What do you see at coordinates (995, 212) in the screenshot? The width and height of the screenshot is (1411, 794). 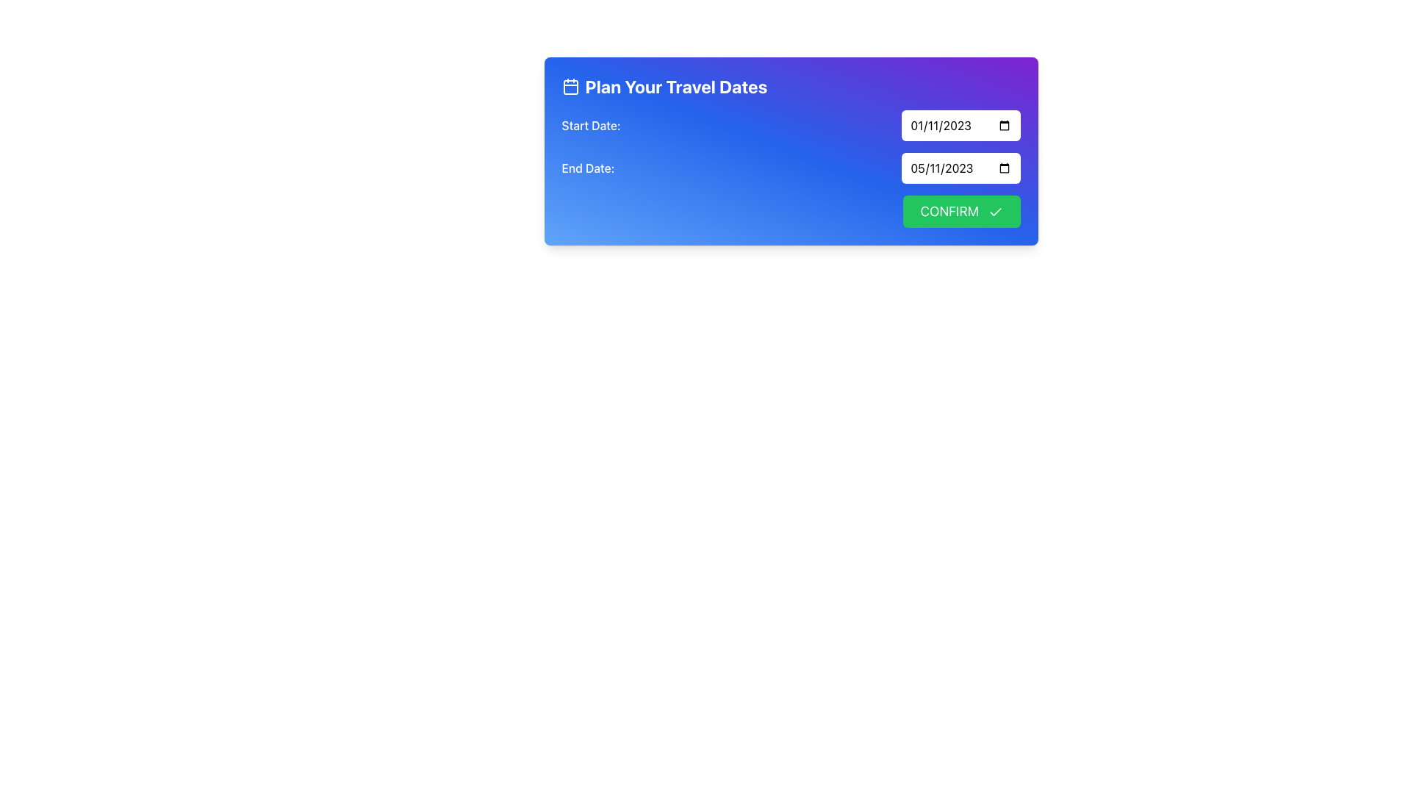 I see `the checkmark icon located on the right side of the 'Confirm' button in the 'Plan Your Travel Dates' form, which visually indicates approval or completion` at bounding box center [995, 212].